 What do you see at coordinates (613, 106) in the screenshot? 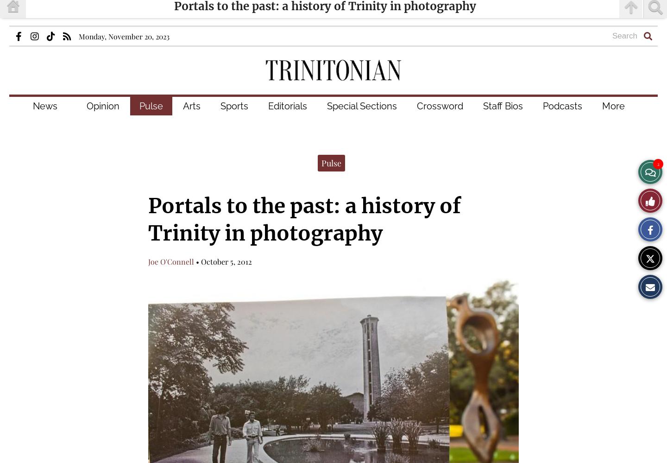
I see `'More'` at bounding box center [613, 106].